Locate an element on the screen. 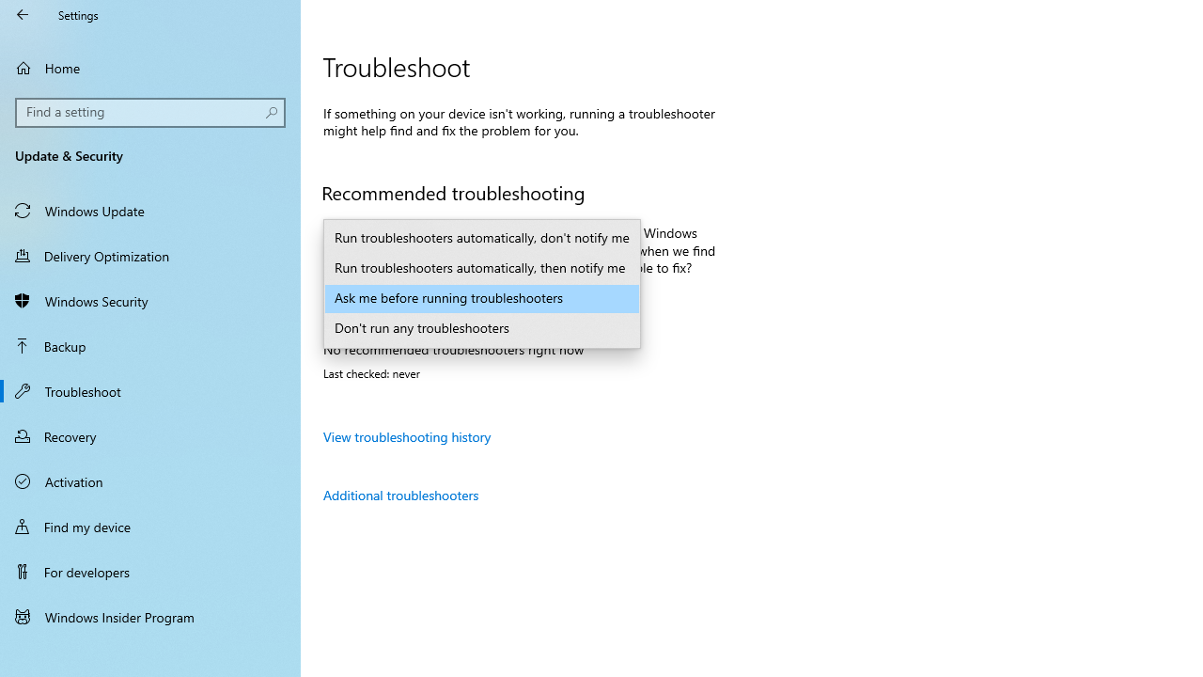 The height and width of the screenshot is (677, 1203). 'Recovery' is located at coordinates (150, 436).